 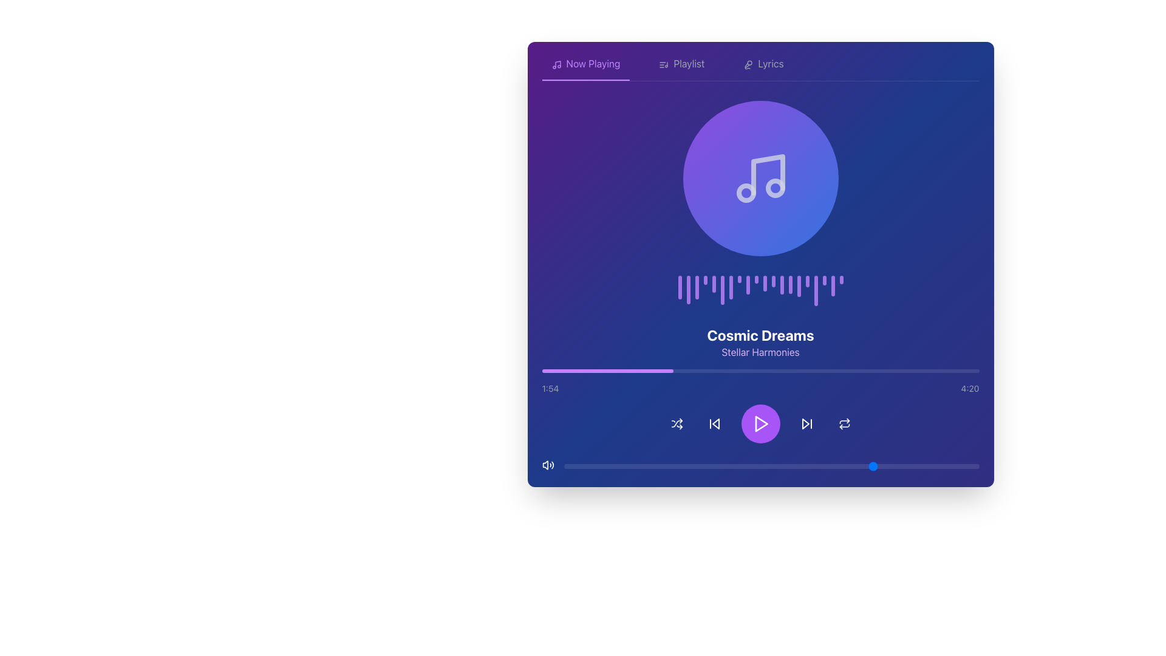 What do you see at coordinates (557, 64) in the screenshot?
I see `the music note icon, which is a thin, minimalistic vector graphic located in the top-left corner of the music interface` at bounding box center [557, 64].